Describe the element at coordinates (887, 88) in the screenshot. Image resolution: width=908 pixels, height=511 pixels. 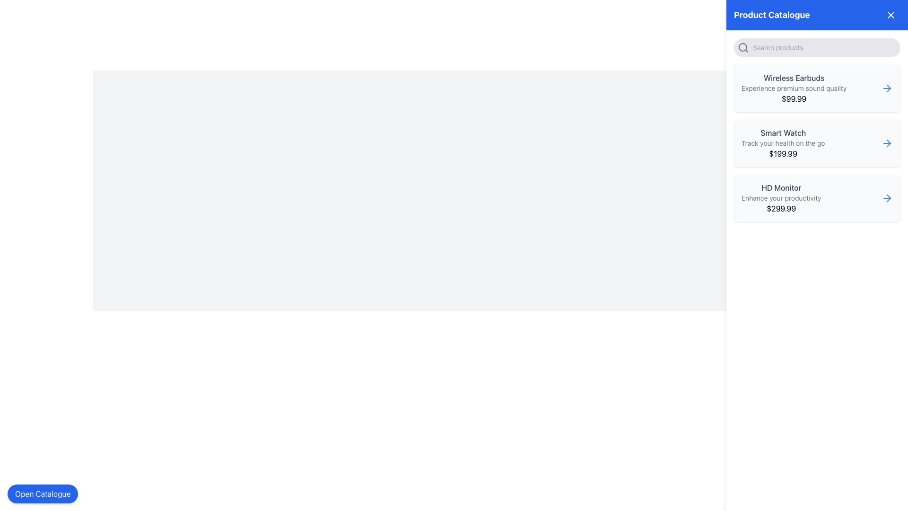
I see `the button located at the far right of the 'Wireless Earbuds' product card in the 'Product Catalogue' sidebar` at that location.